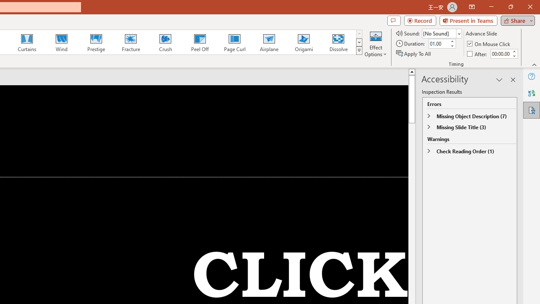  Describe the element at coordinates (499, 80) in the screenshot. I see `'Task Pane Options'` at that location.